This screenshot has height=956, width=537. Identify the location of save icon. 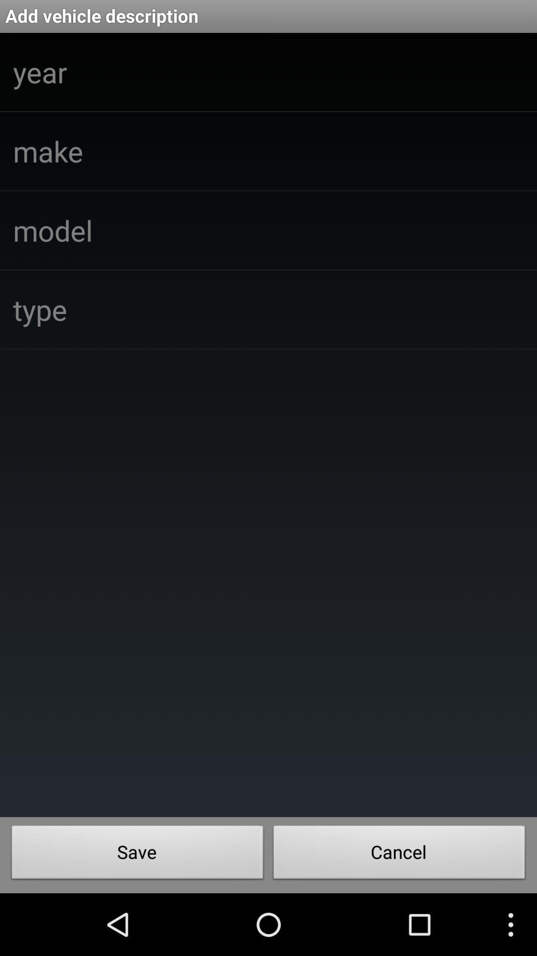
(137, 854).